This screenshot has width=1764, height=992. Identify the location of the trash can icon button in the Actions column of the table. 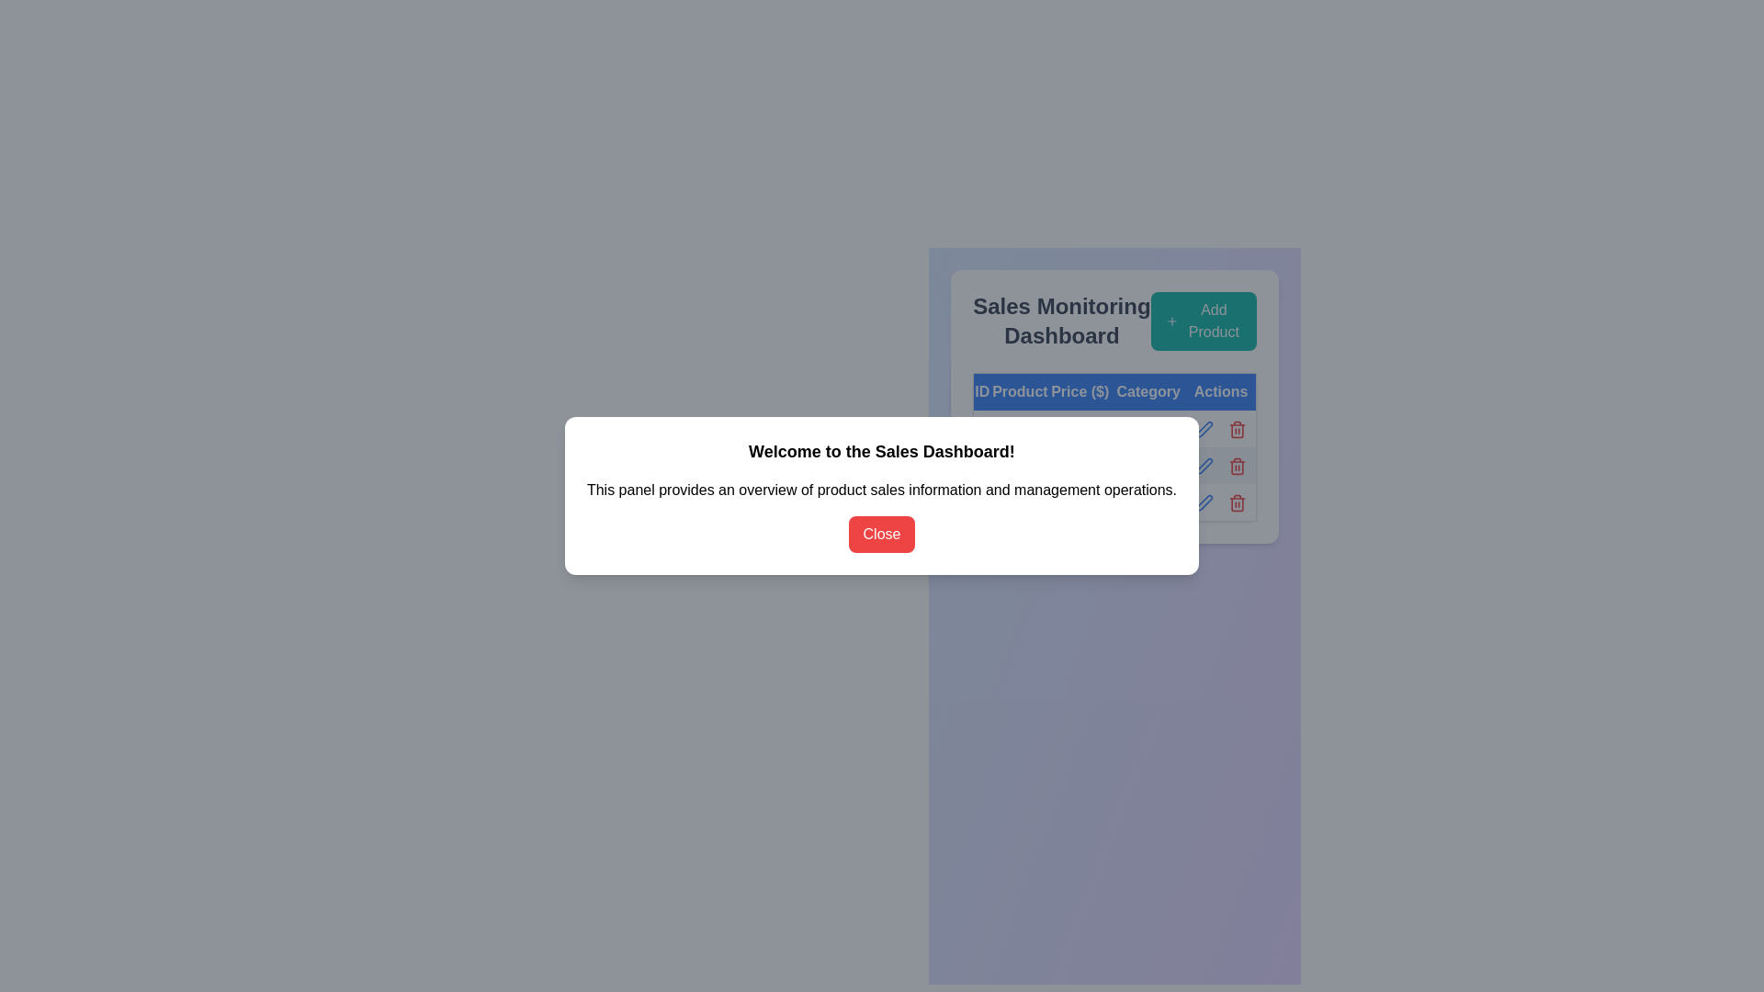
(1221, 502).